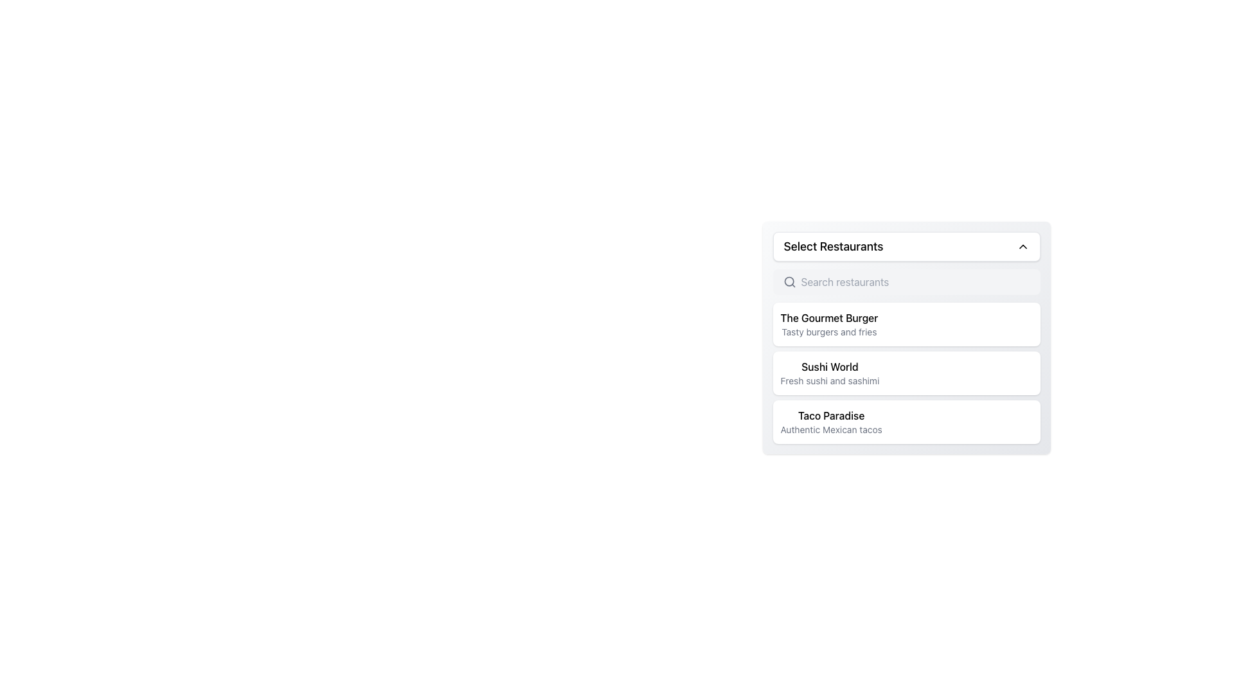 The height and width of the screenshot is (694, 1234). Describe the element at coordinates (830, 380) in the screenshot. I see `the text label displaying 'Fresh sushi and sashimi' located directly underneath the title 'Sushi World' in the 'Select Restaurants' section` at that location.